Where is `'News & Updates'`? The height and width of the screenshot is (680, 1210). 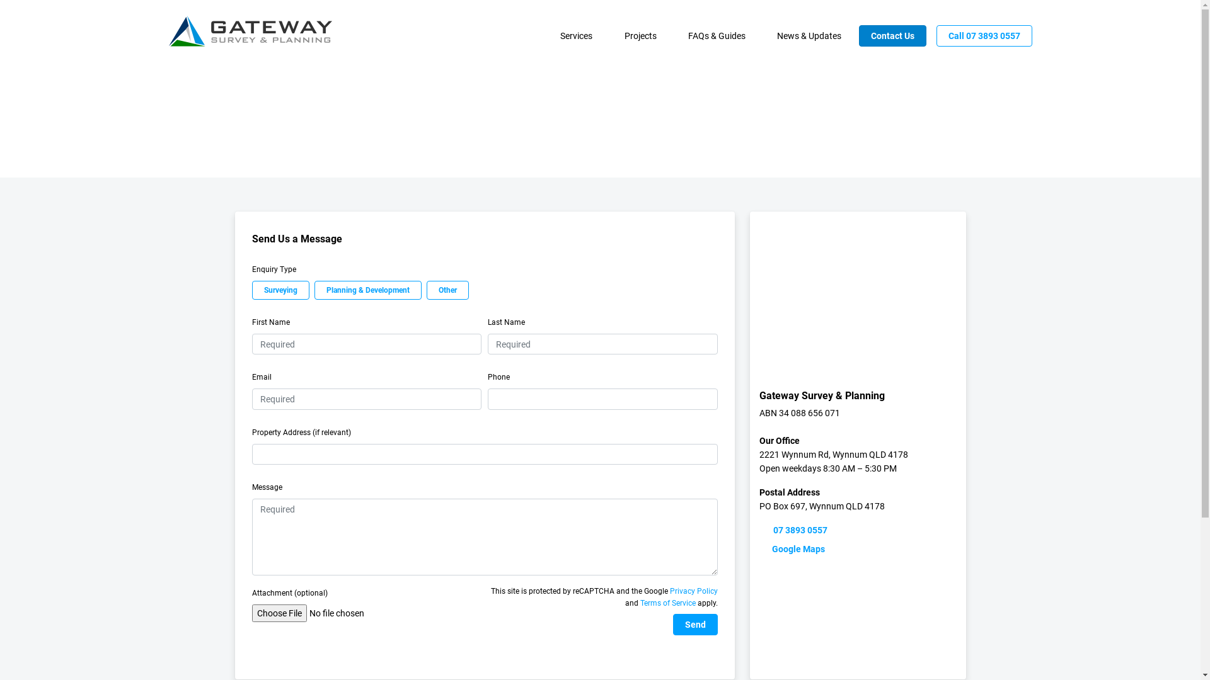
'News & Updates' is located at coordinates (764, 35).